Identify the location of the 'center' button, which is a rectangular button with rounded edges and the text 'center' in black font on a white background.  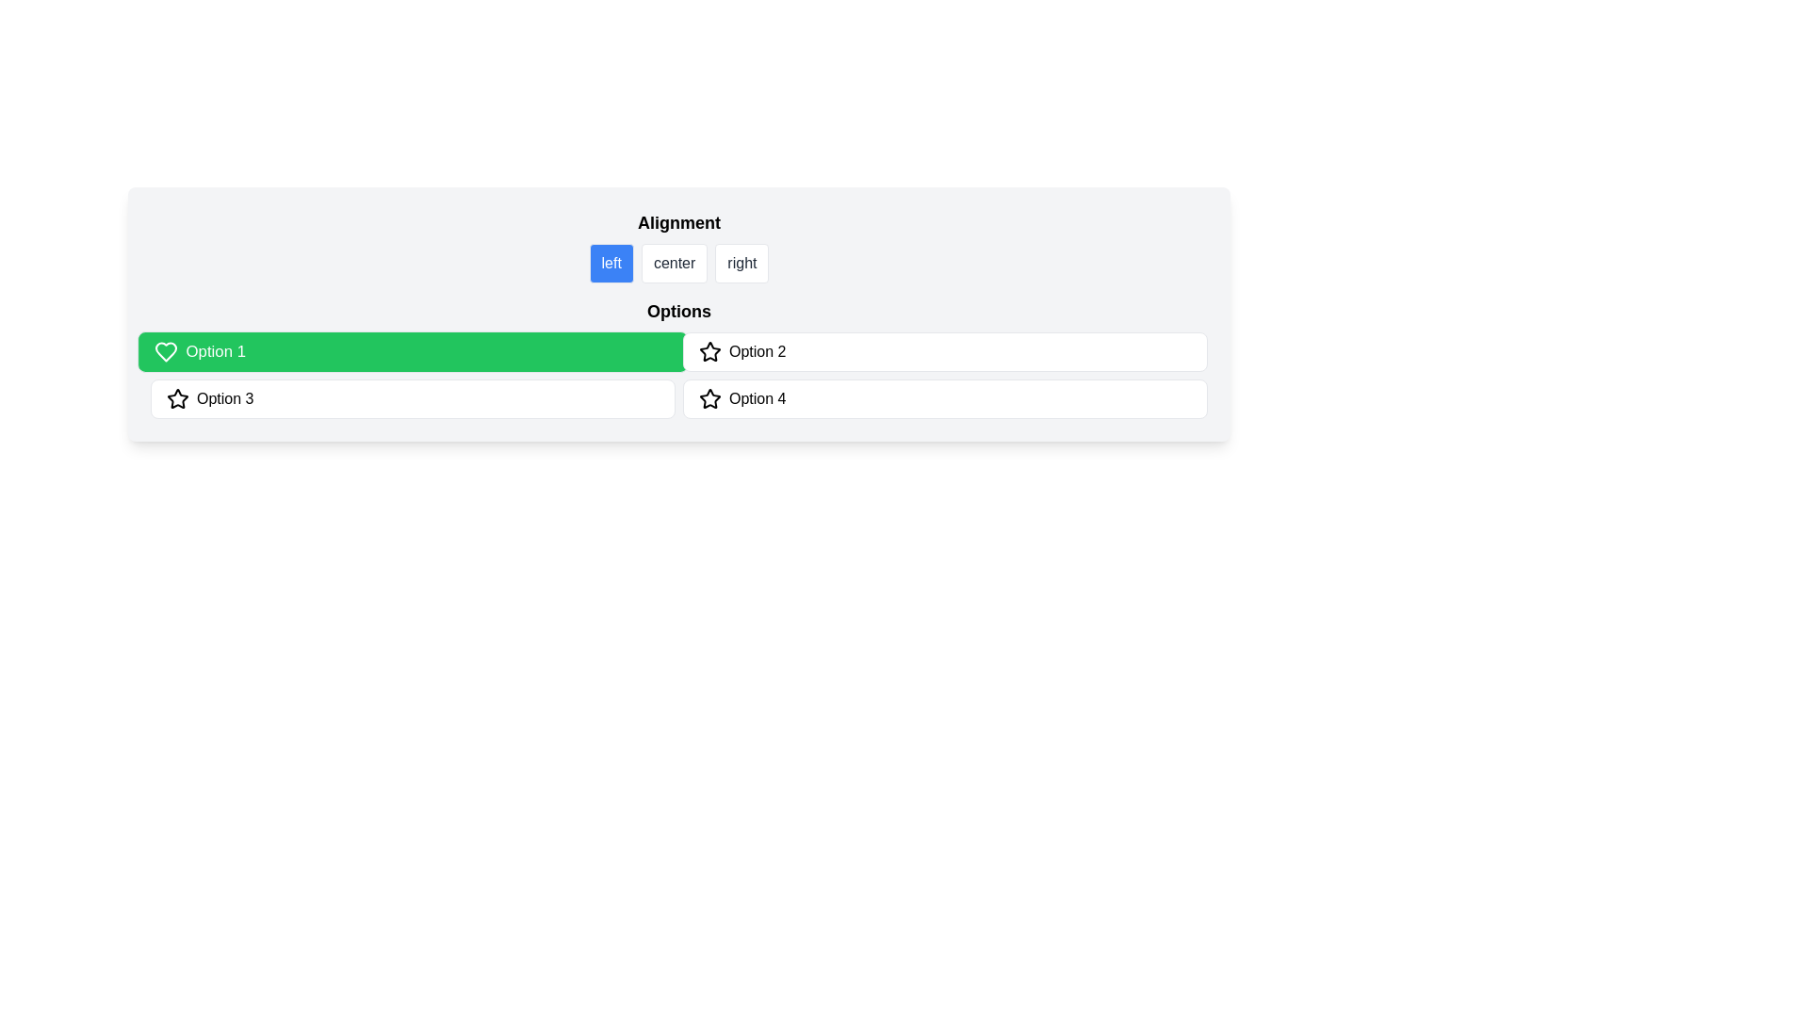
(675, 264).